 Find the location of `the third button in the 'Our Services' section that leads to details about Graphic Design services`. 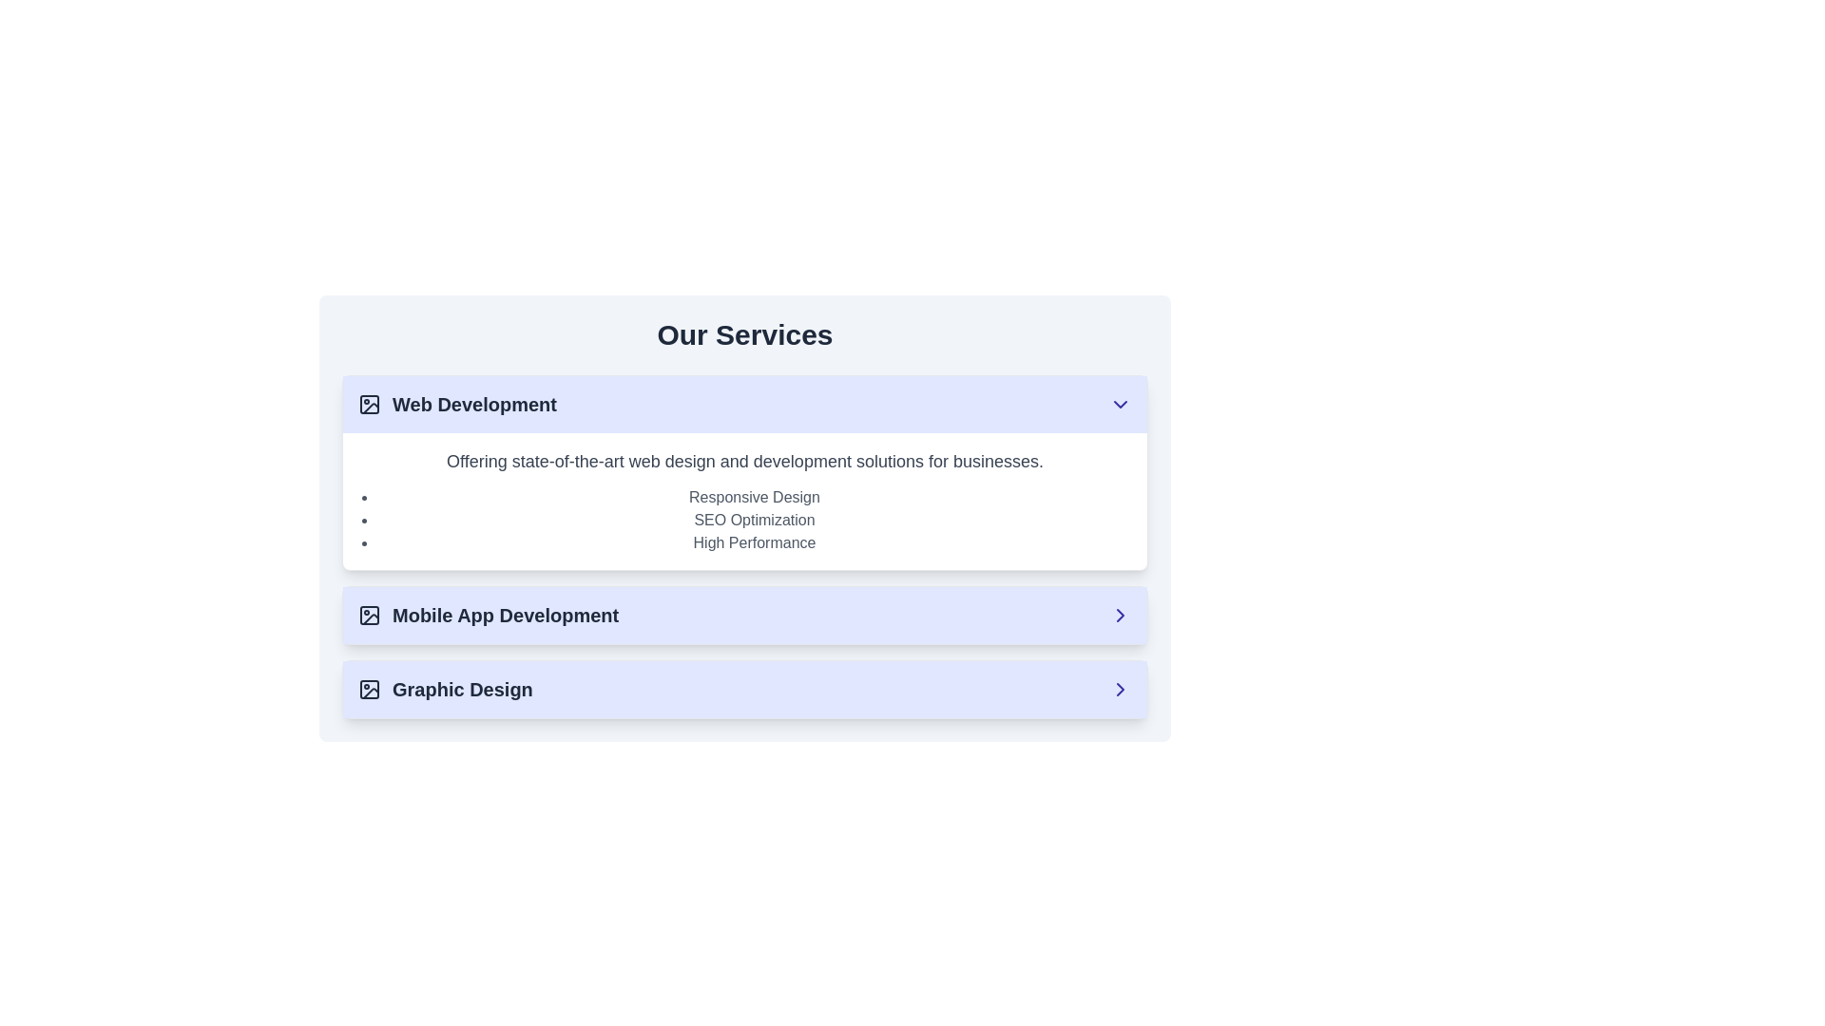

the third button in the 'Our Services' section that leads to details about Graphic Design services is located at coordinates (743, 689).